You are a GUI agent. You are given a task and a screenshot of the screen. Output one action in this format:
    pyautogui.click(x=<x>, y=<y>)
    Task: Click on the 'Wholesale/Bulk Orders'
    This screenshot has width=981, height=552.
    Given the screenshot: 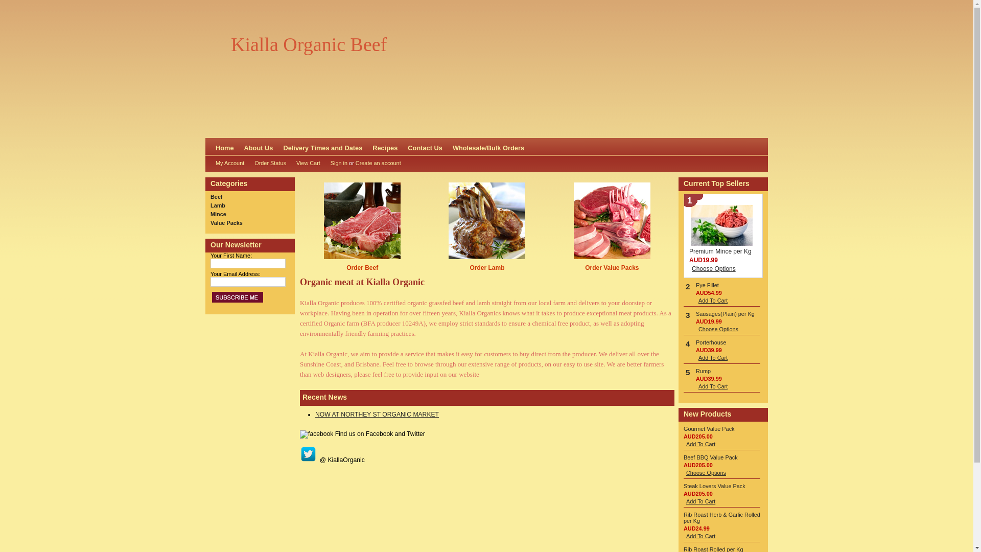 What is the action you would take?
    pyautogui.click(x=487, y=147)
    